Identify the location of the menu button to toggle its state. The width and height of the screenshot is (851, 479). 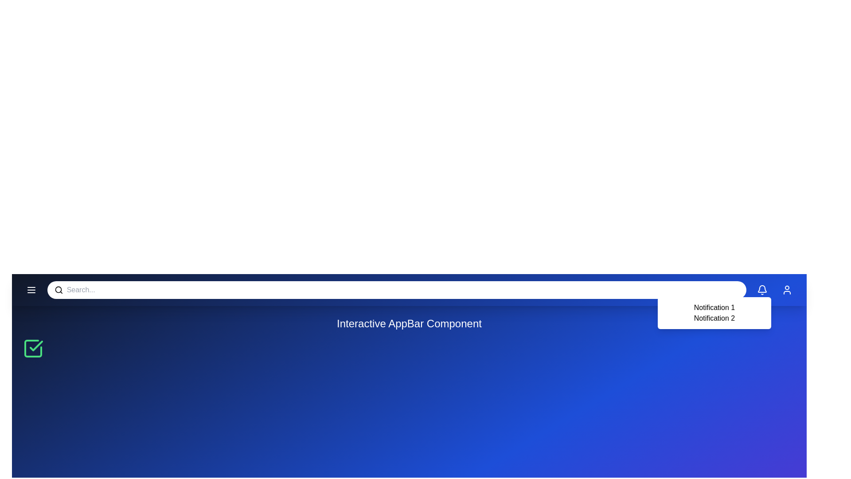
(31, 290).